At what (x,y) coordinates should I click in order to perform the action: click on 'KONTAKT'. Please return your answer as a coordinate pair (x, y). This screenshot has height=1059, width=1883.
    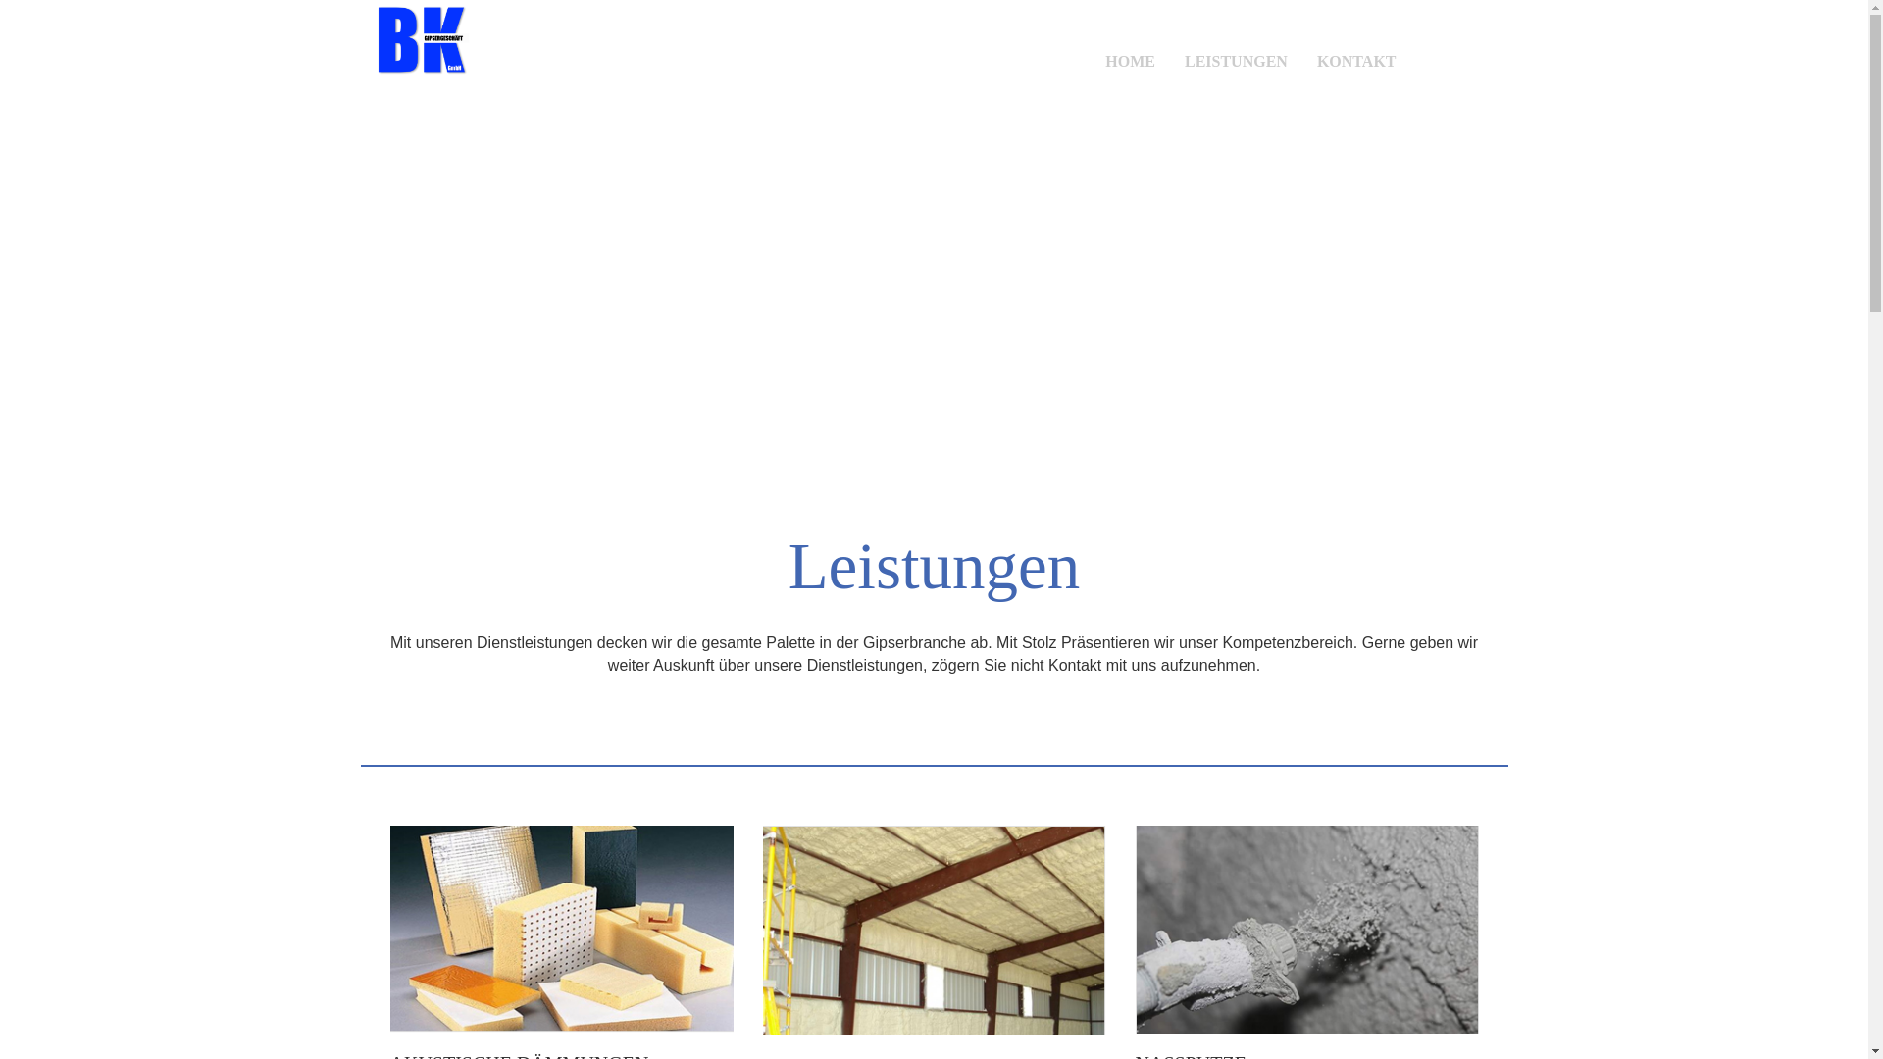
    Looking at the image, I should click on (1355, 51).